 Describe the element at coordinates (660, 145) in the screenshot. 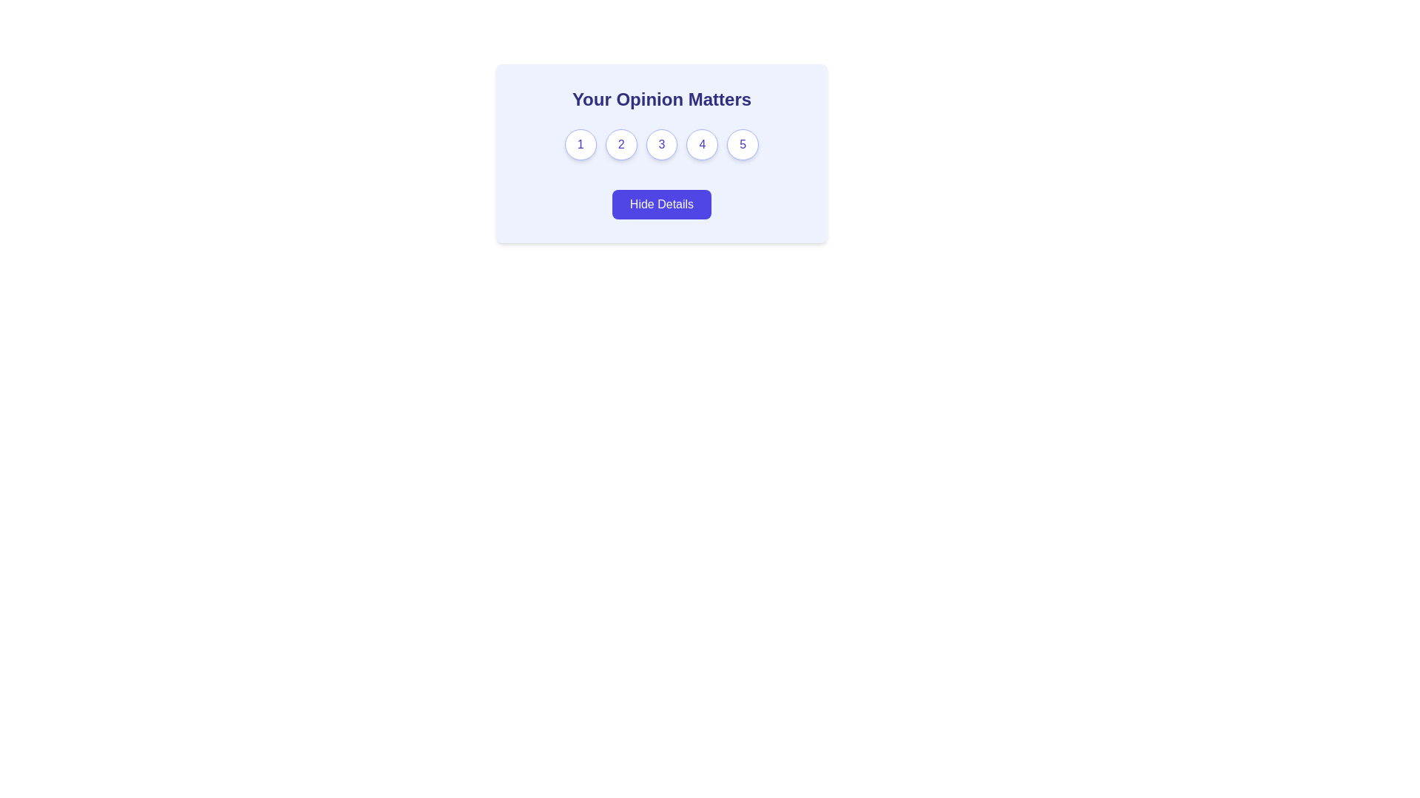

I see `the individual button in the group of round buttons containing numbers from 1 to 5, which is centered in the modal below the heading 'Your Opinion Matters'` at that location.